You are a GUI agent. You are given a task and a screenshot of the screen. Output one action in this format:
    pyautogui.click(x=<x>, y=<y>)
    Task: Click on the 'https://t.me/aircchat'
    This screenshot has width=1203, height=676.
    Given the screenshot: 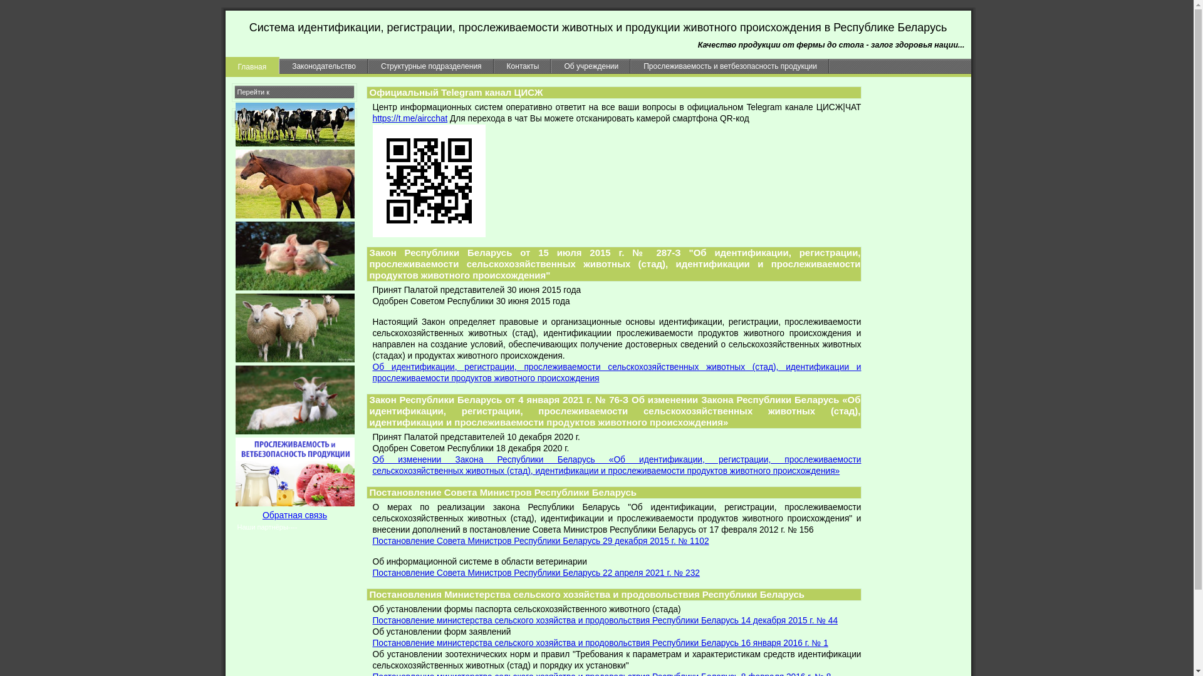 What is the action you would take?
    pyautogui.click(x=372, y=118)
    